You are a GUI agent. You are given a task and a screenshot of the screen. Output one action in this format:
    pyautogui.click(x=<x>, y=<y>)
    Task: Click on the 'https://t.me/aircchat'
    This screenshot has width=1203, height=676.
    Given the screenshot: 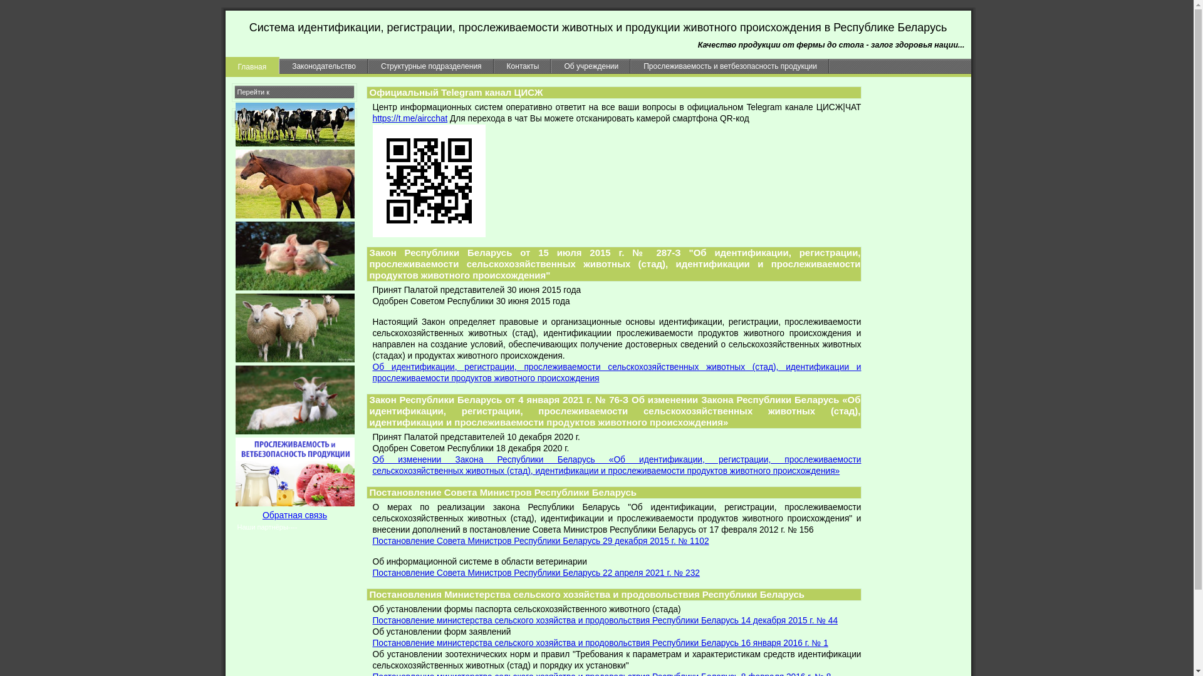 What is the action you would take?
    pyautogui.click(x=372, y=118)
    